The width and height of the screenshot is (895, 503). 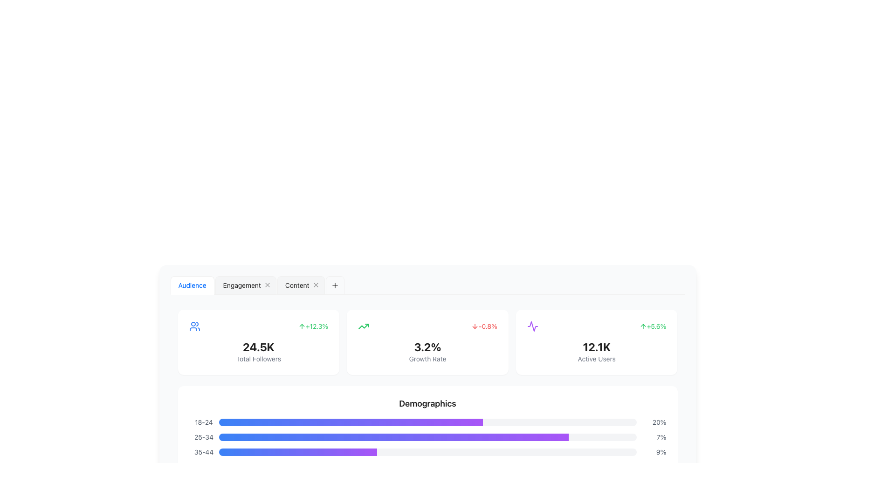 I want to click on the visual change of the downward-facing arrow icon located to the left of the red text '-0.8%' in the central card of the dashboard interface, so click(x=475, y=326).